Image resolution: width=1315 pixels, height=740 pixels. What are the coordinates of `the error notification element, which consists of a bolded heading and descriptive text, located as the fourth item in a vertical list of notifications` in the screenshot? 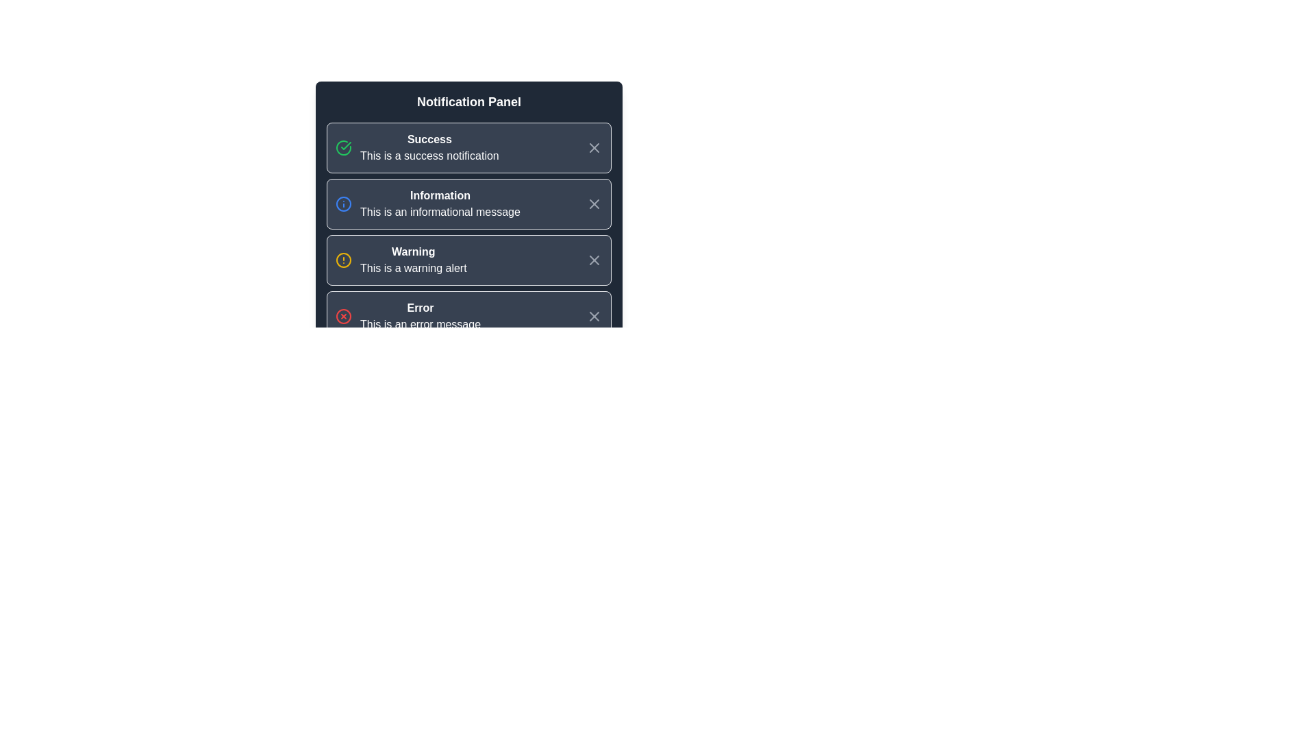 It's located at (420, 317).